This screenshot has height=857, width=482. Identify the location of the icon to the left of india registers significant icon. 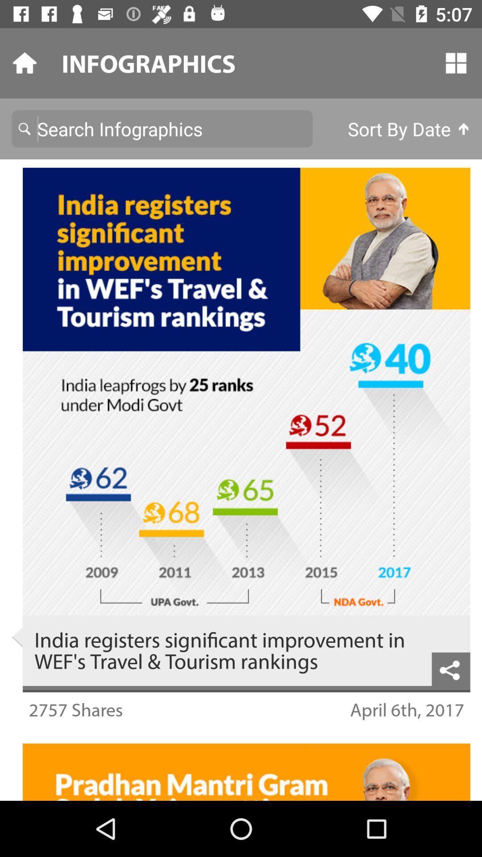
(17, 637).